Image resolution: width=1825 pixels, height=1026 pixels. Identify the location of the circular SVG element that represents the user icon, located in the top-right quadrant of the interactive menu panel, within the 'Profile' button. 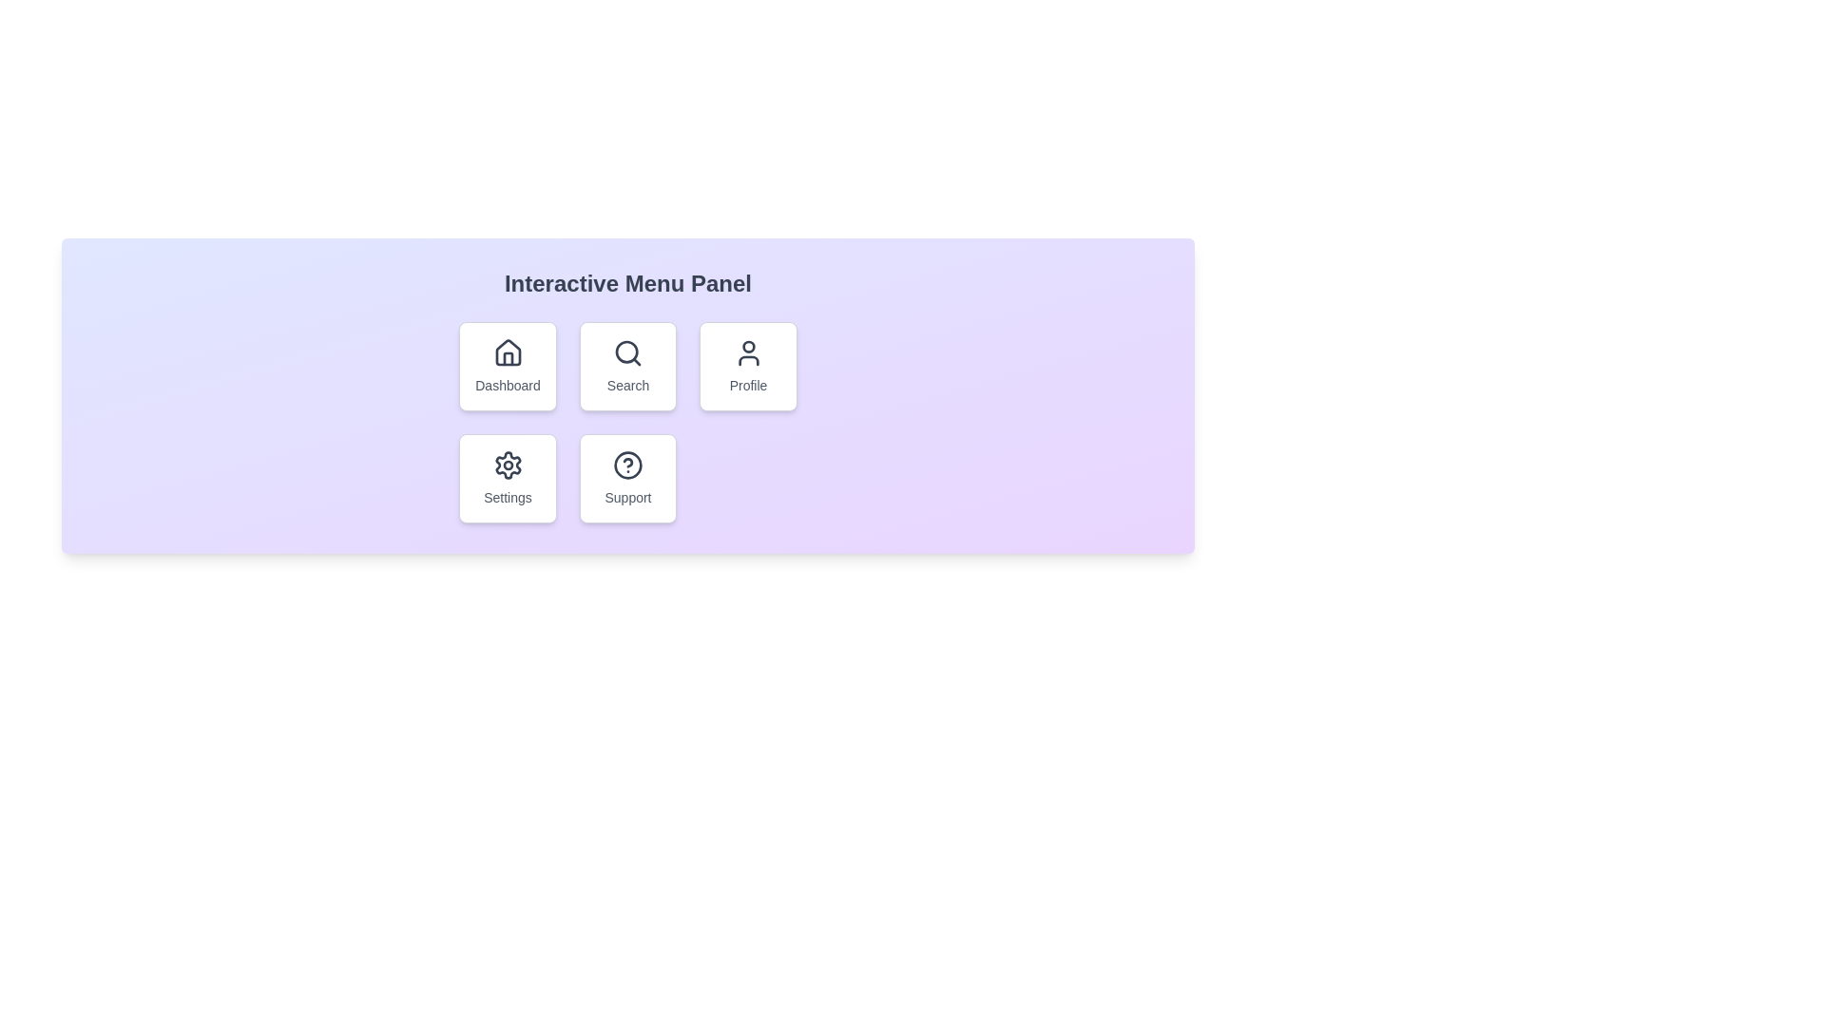
(747, 347).